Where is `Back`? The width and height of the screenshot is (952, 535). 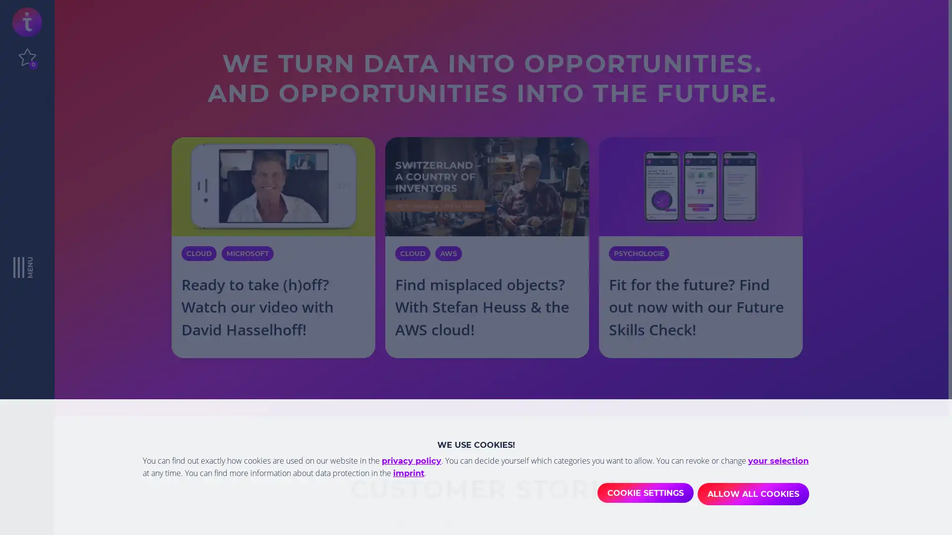
Back is located at coordinates (153, 512).